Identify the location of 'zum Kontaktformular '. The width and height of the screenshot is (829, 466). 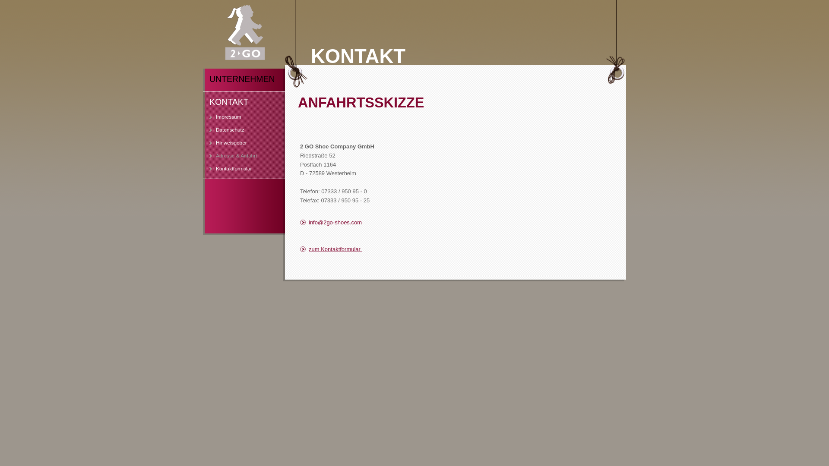
(300, 249).